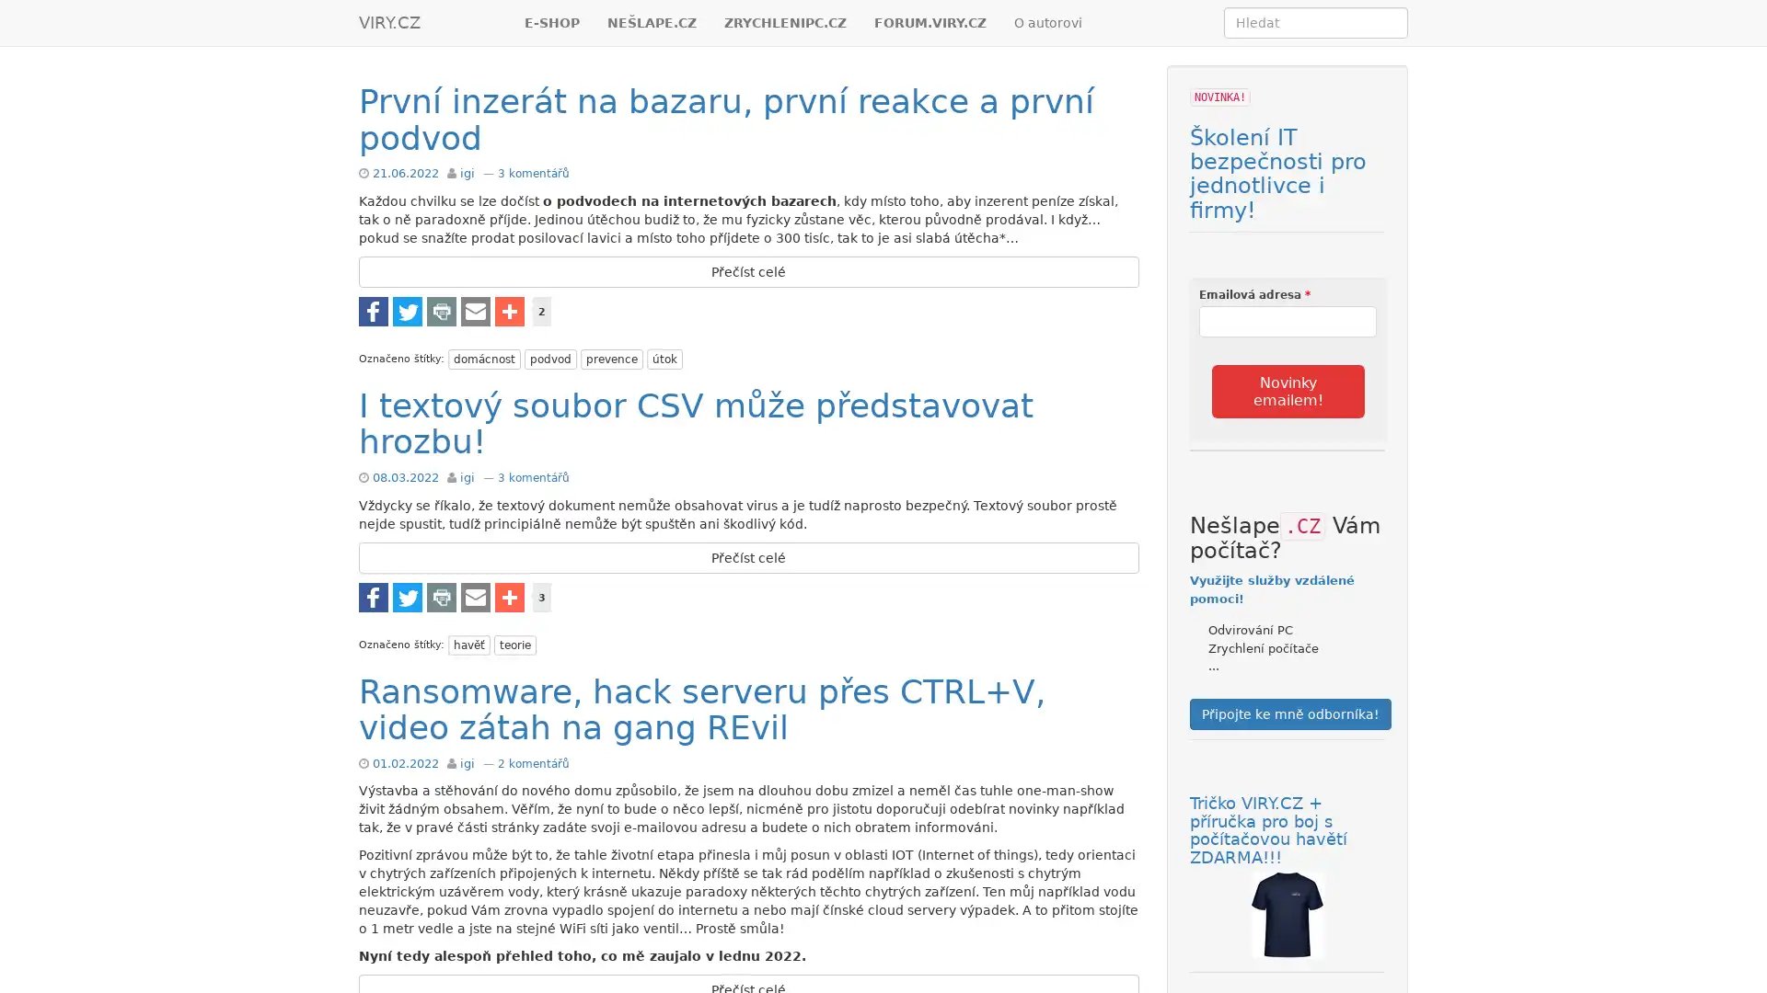  Describe the element at coordinates (509, 596) in the screenshot. I see `Share to Vice...` at that location.